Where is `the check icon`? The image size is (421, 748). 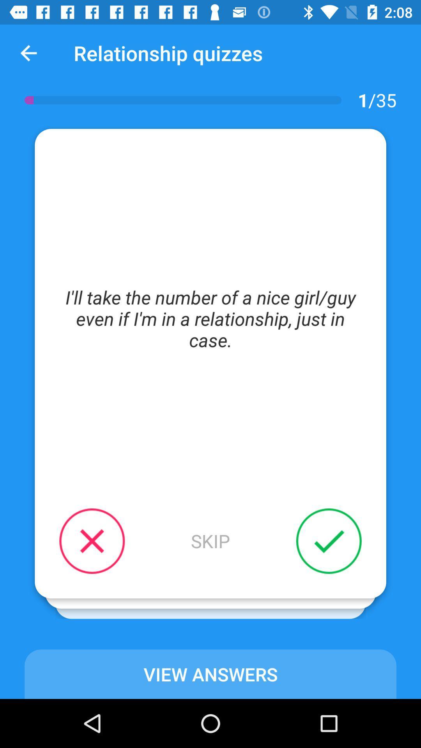
the check icon is located at coordinates (318, 551).